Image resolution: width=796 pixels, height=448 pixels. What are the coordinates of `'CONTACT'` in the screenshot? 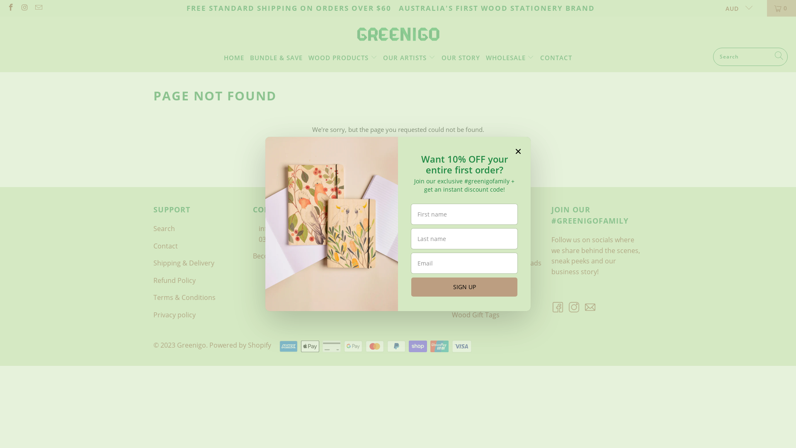 It's located at (556, 57).